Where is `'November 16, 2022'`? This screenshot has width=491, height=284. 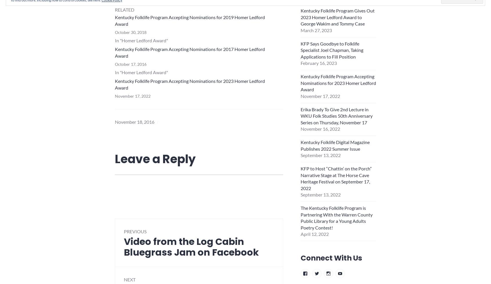 'November 16, 2022' is located at coordinates (320, 129).